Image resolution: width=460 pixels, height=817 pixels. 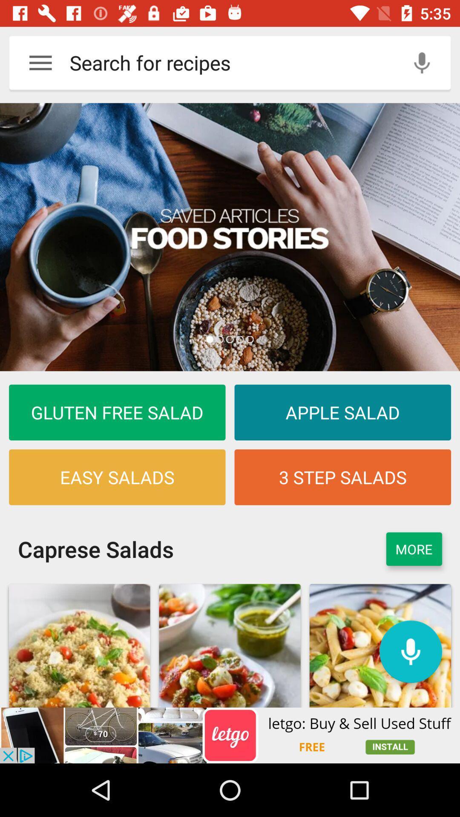 What do you see at coordinates (410, 651) in the screenshot?
I see `the microphone icon` at bounding box center [410, 651].